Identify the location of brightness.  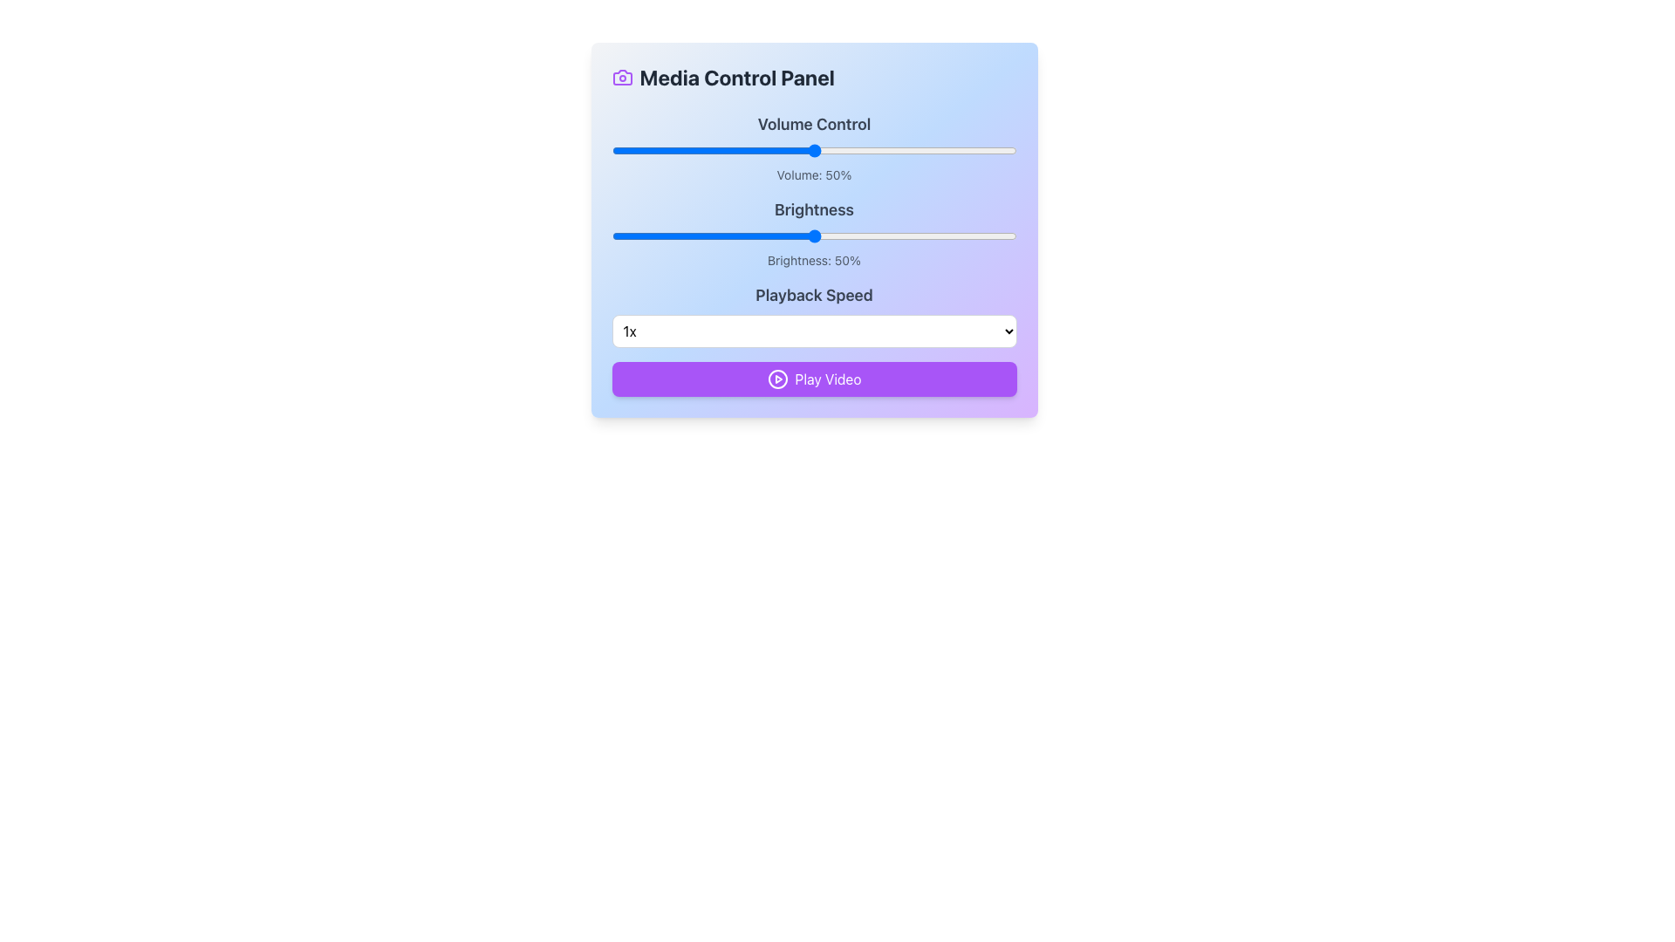
(717, 235).